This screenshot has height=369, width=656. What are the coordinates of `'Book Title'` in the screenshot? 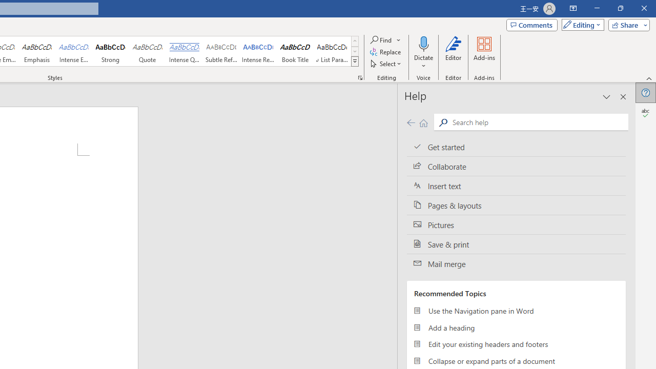 It's located at (295, 51).